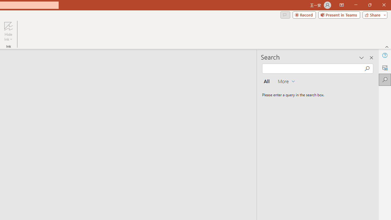 The width and height of the screenshot is (391, 220). I want to click on 'Hide Ink', so click(8, 31).